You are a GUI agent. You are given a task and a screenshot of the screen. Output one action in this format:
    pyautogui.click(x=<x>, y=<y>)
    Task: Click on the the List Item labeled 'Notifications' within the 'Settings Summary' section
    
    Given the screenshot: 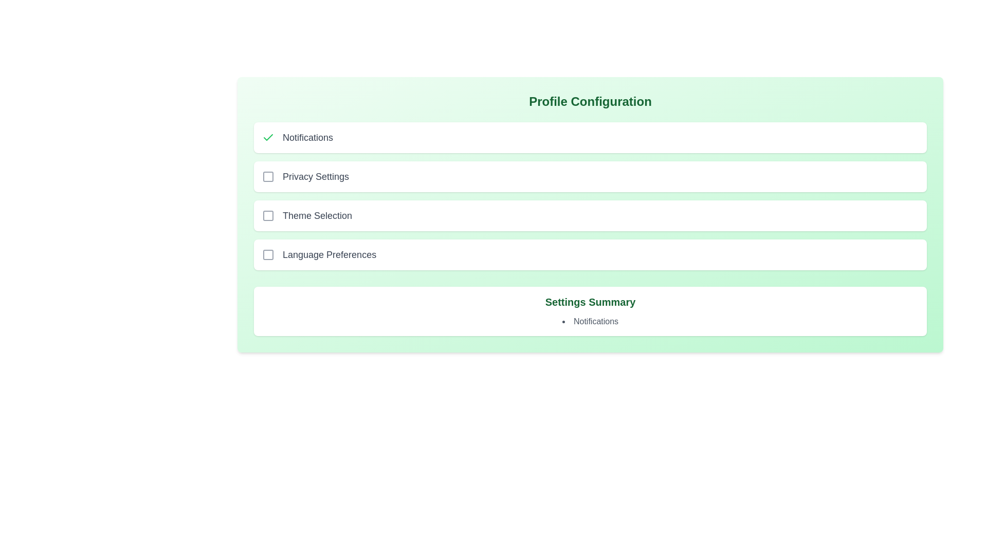 What is the action you would take?
    pyautogui.click(x=590, y=321)
    